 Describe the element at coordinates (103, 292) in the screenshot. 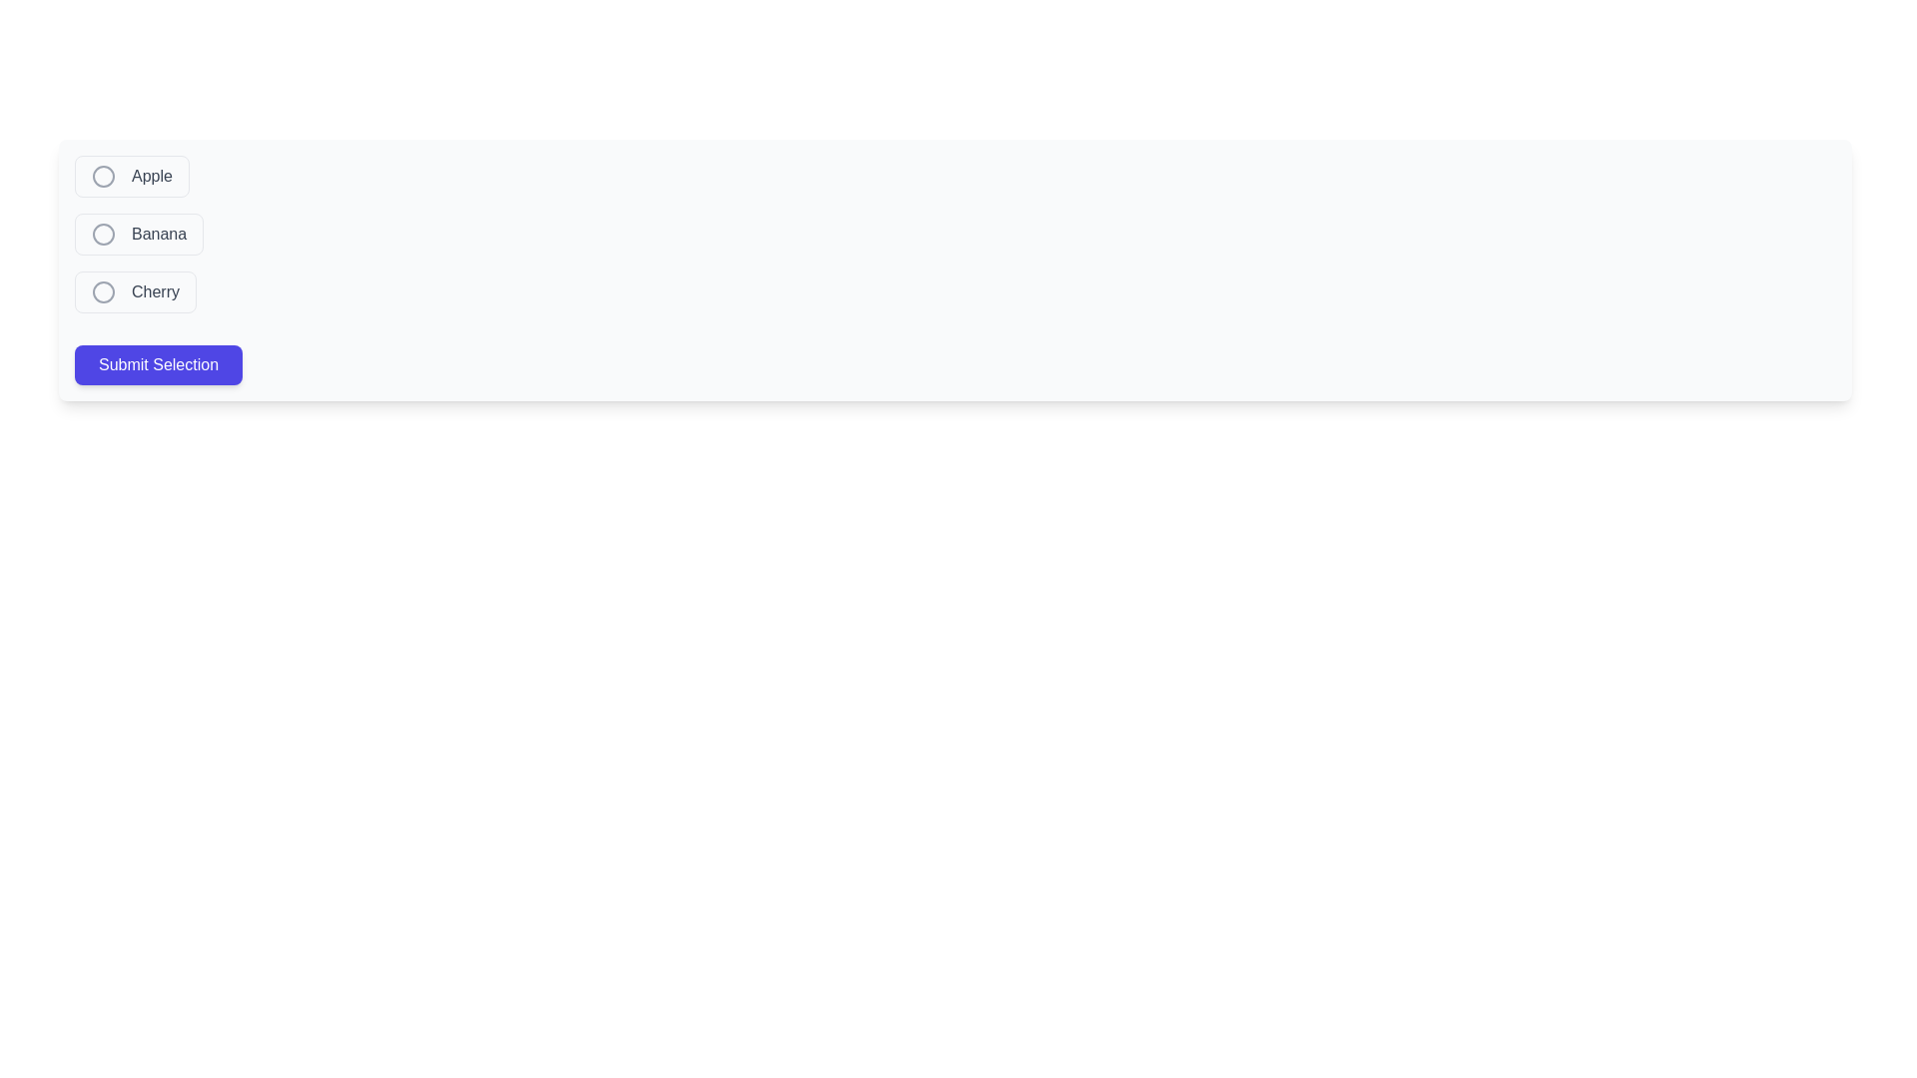

I see `the radio button indicator next to the label 'Cherry'` at that location.